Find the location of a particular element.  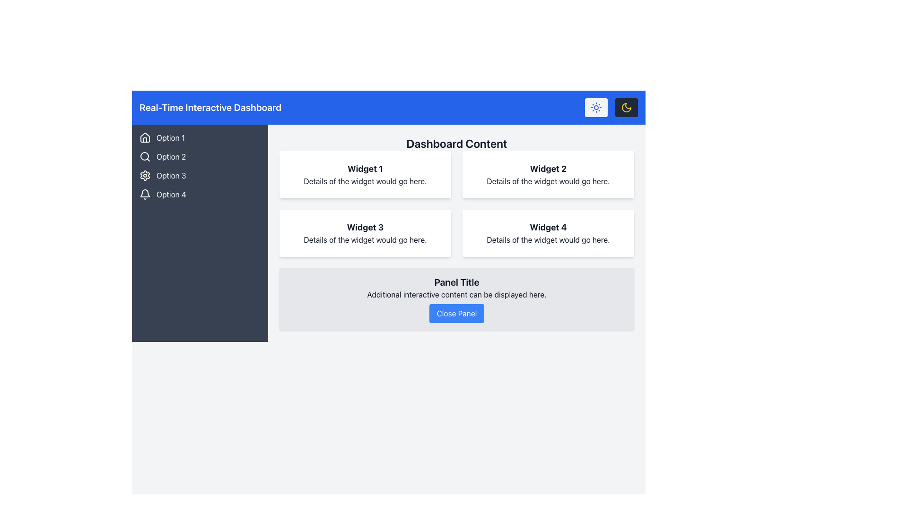

the static text label 'Option 3' styled in white text against a dark blue background, located in the left sidebar of the interface is located at coordinates (171, 175).